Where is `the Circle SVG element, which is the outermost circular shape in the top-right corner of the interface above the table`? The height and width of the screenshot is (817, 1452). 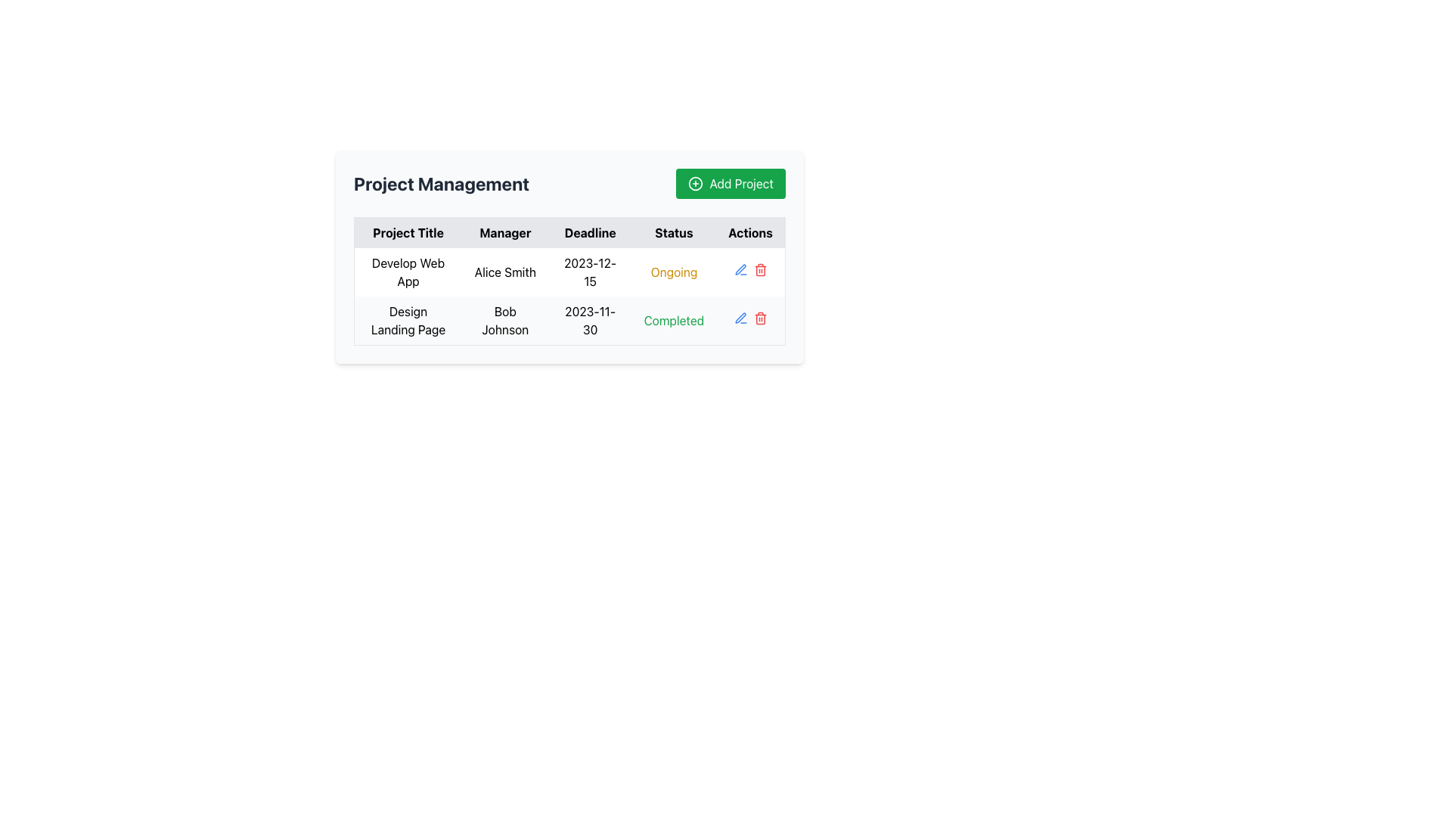 the Circle SVG element, which is the outermost circular shape in the top-right corner of the interface above the table is located at coordinates (695, 183).